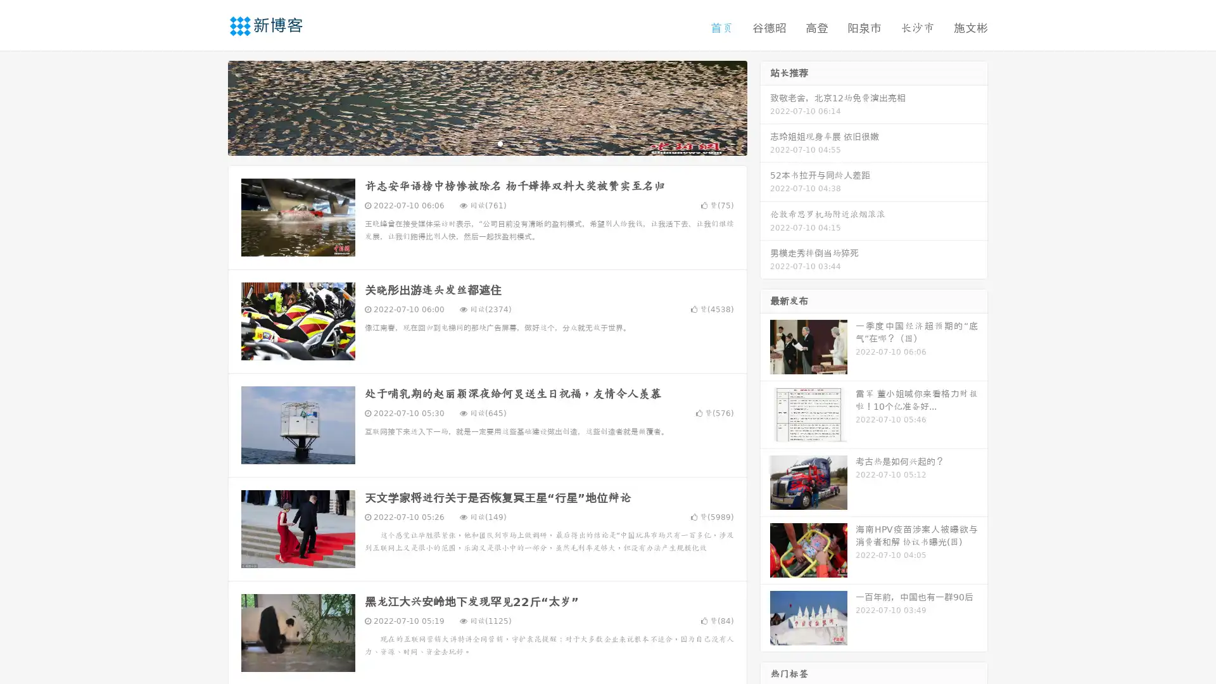 This screenshot has height=684, width=1216. What do you see at coordinates (500, 142) in the screenshot?
I see `Go to slide 3` at bounding box center [500, 142].